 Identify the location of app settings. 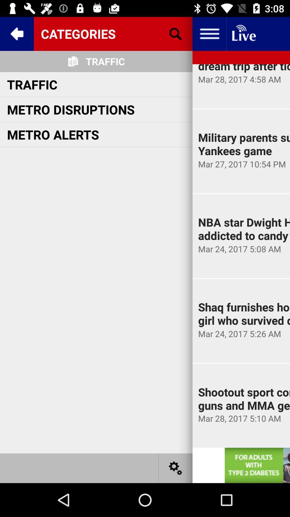
(176, 468).